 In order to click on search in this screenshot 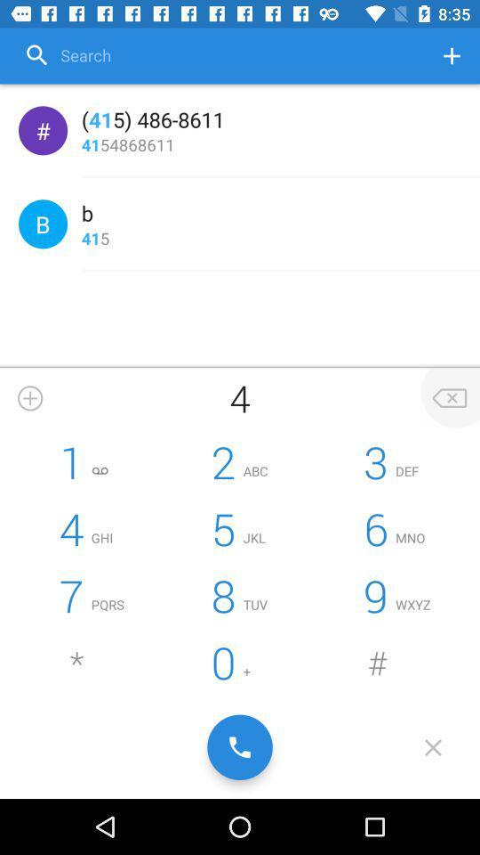, I will do `click(220, 55)`.